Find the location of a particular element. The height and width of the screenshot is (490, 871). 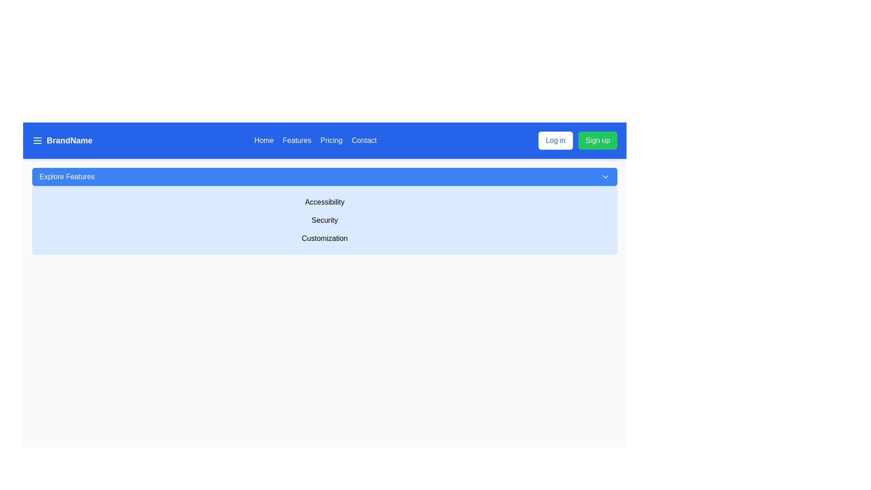

the 'Pricing' text link in the navigation bar is located at coordinates (331, 140).